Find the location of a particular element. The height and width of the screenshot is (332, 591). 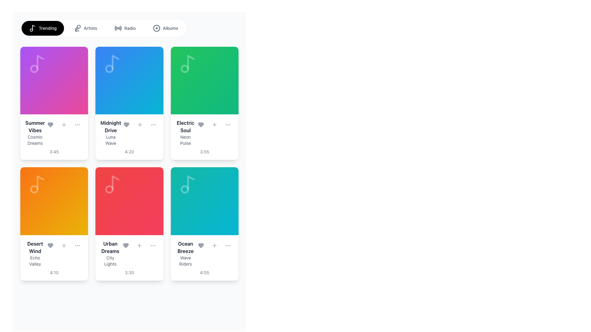

the music note icon located in the top-left card of the grid layout, which features a semi-transparent appearance on a vibrant gradient background is located at coordinates (37, 64).